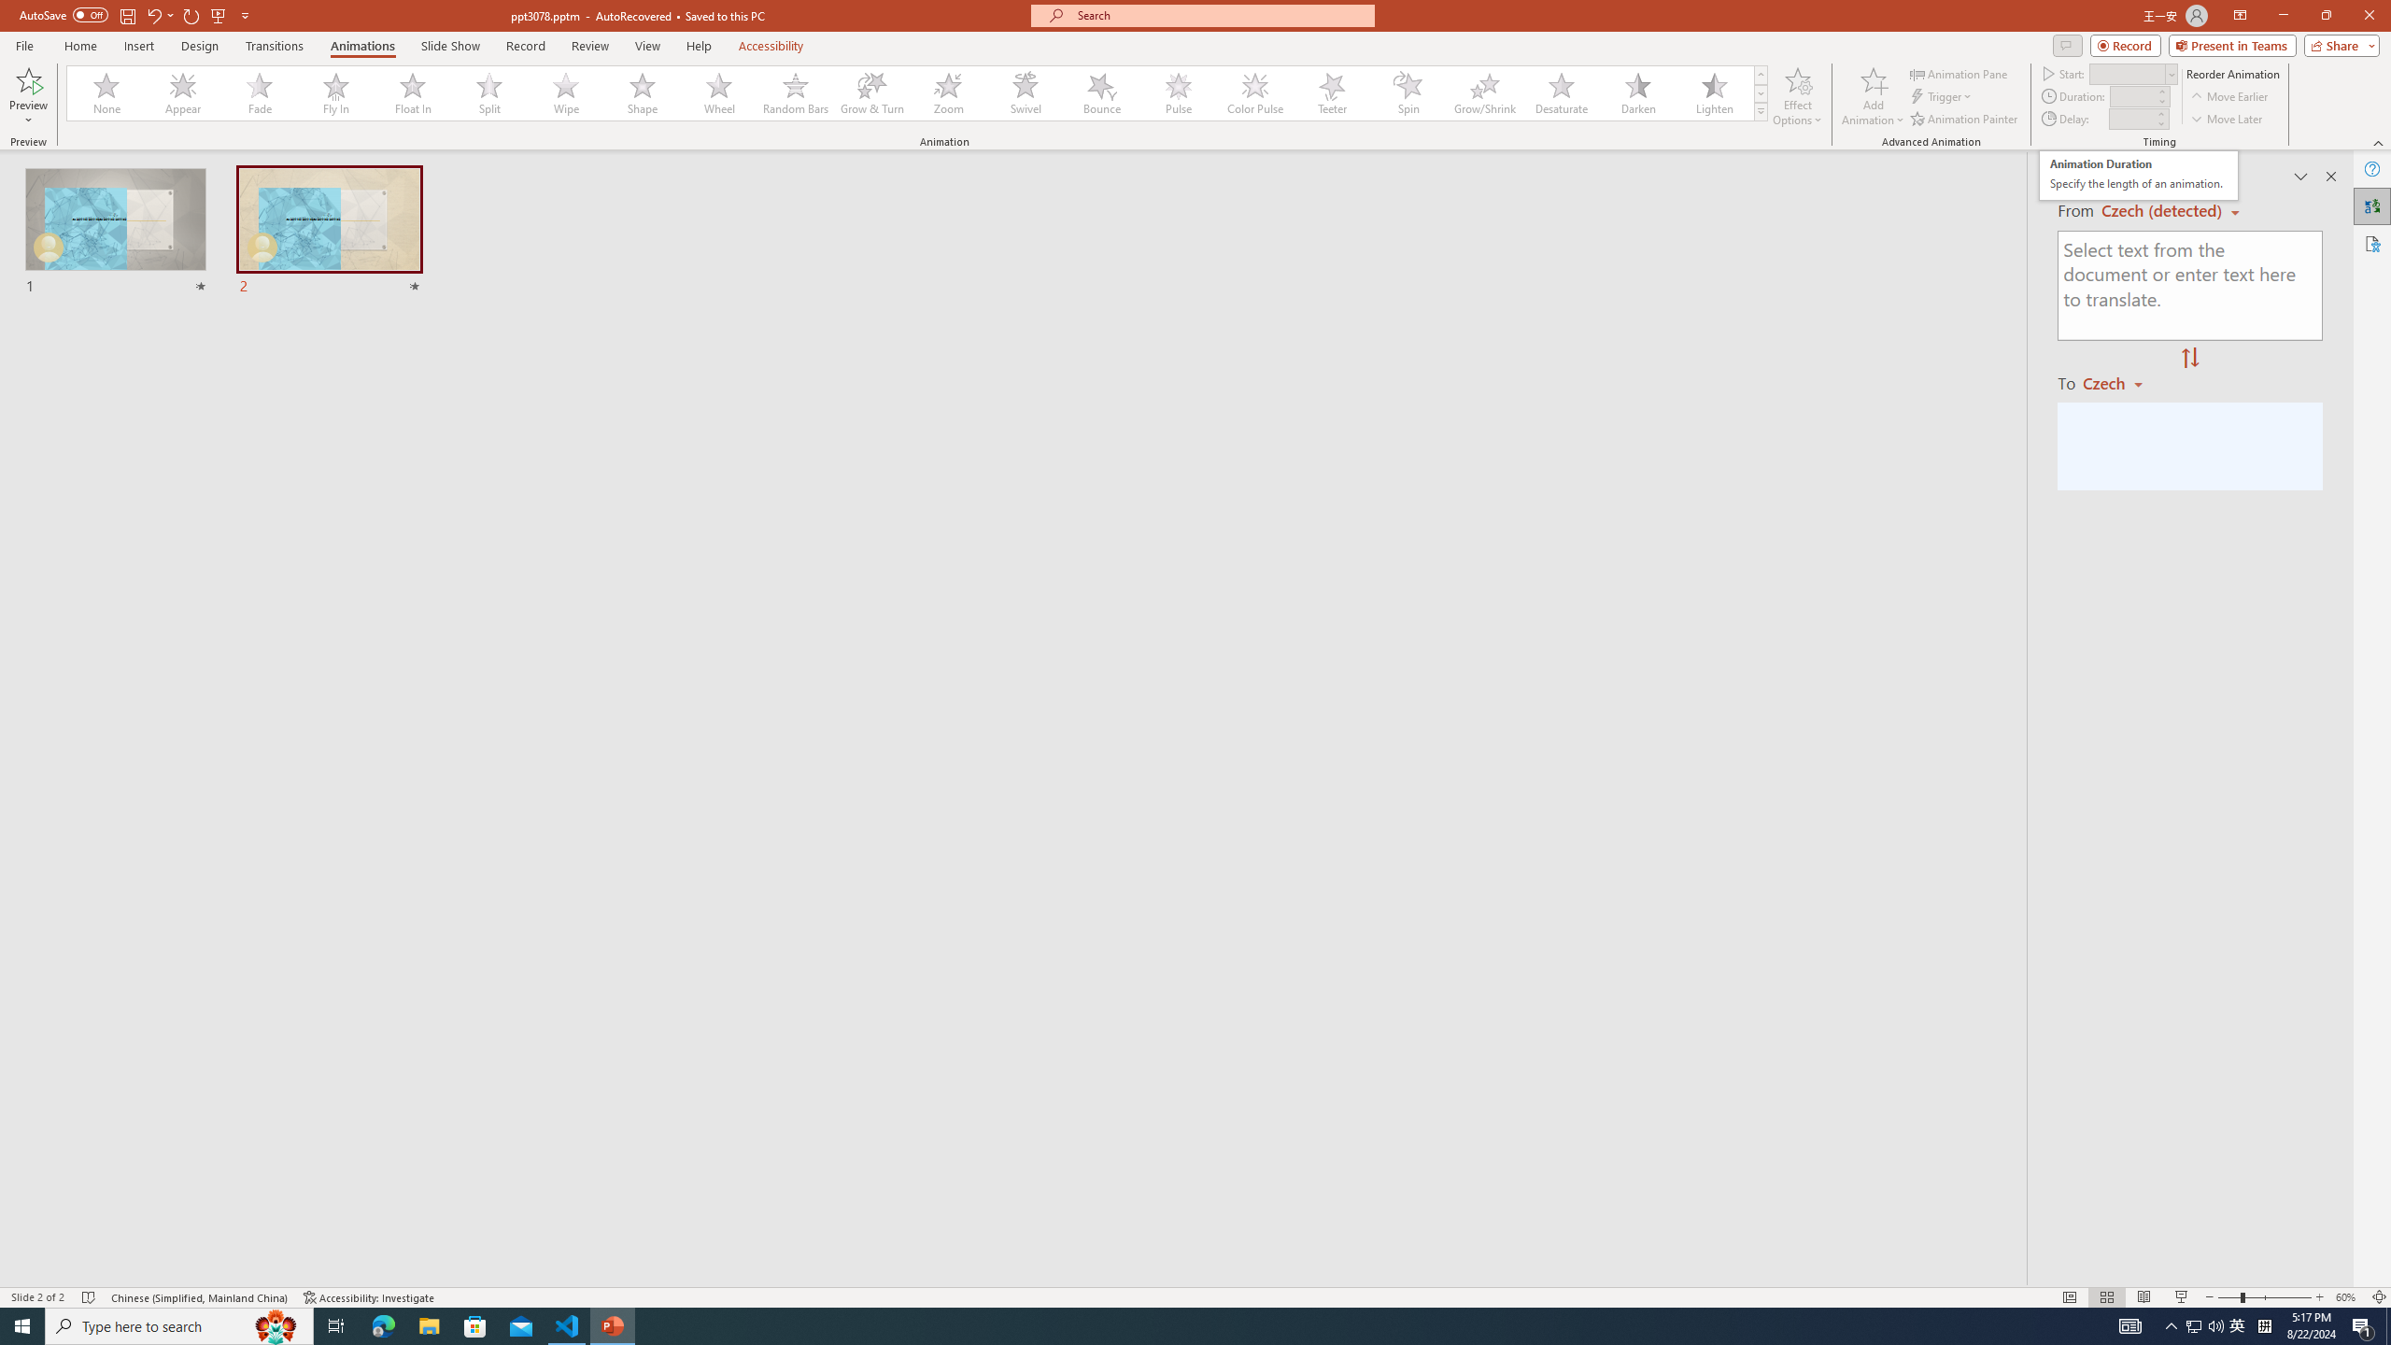 The image size is (2391, 1345). Describe the element at coordinates (1713, 92) in the screenshot. I see `'Lighten'` at that location.